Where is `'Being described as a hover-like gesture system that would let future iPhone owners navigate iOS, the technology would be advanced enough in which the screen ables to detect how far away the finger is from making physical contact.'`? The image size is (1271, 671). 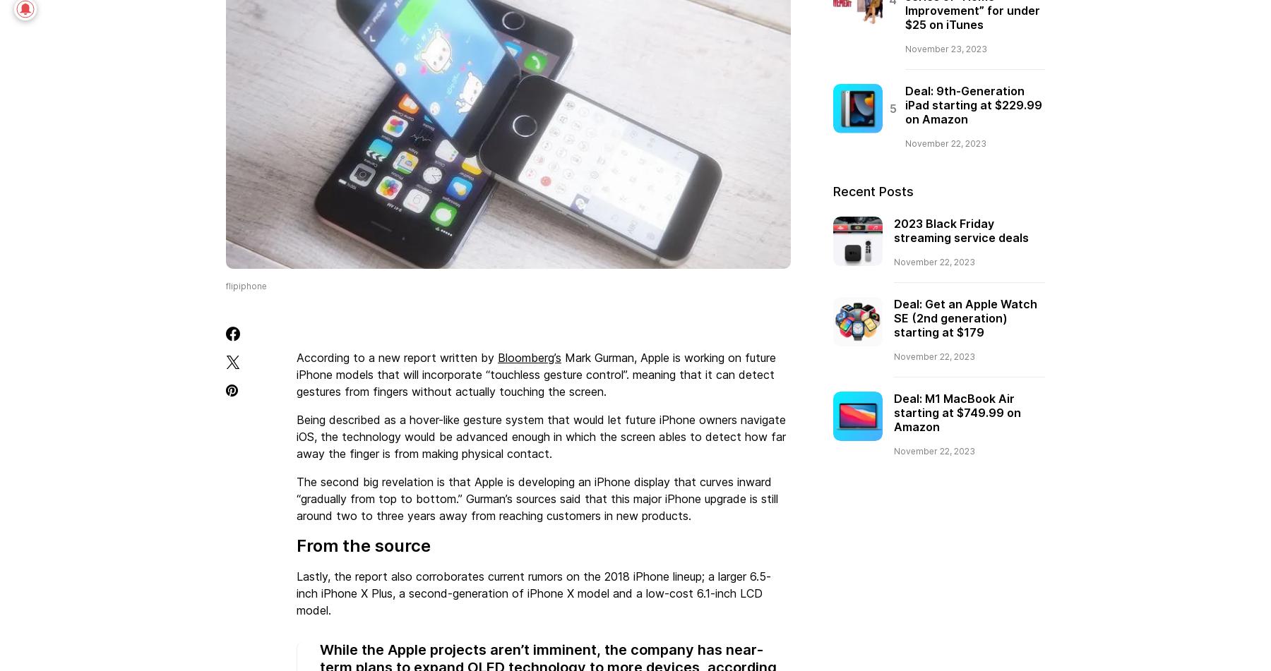 'Being described as a hover-like gesture system that would let future iPhone owners navigate iOS, the technology would be advanced enough in which the screen ables to detect how far away the finger is from making physical contact.' is located at coordinates (540, 435).